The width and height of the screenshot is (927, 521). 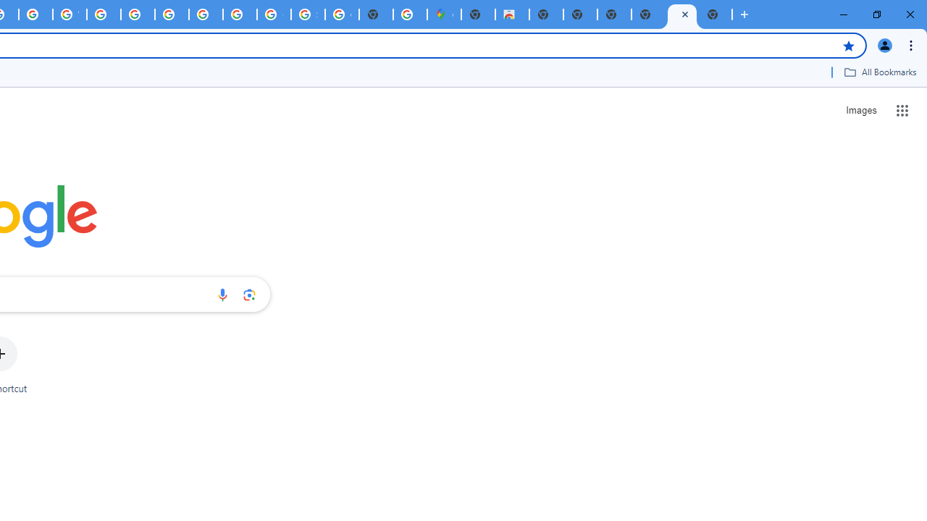 I want to click on 'New Tab', so click(x=716, y=14).